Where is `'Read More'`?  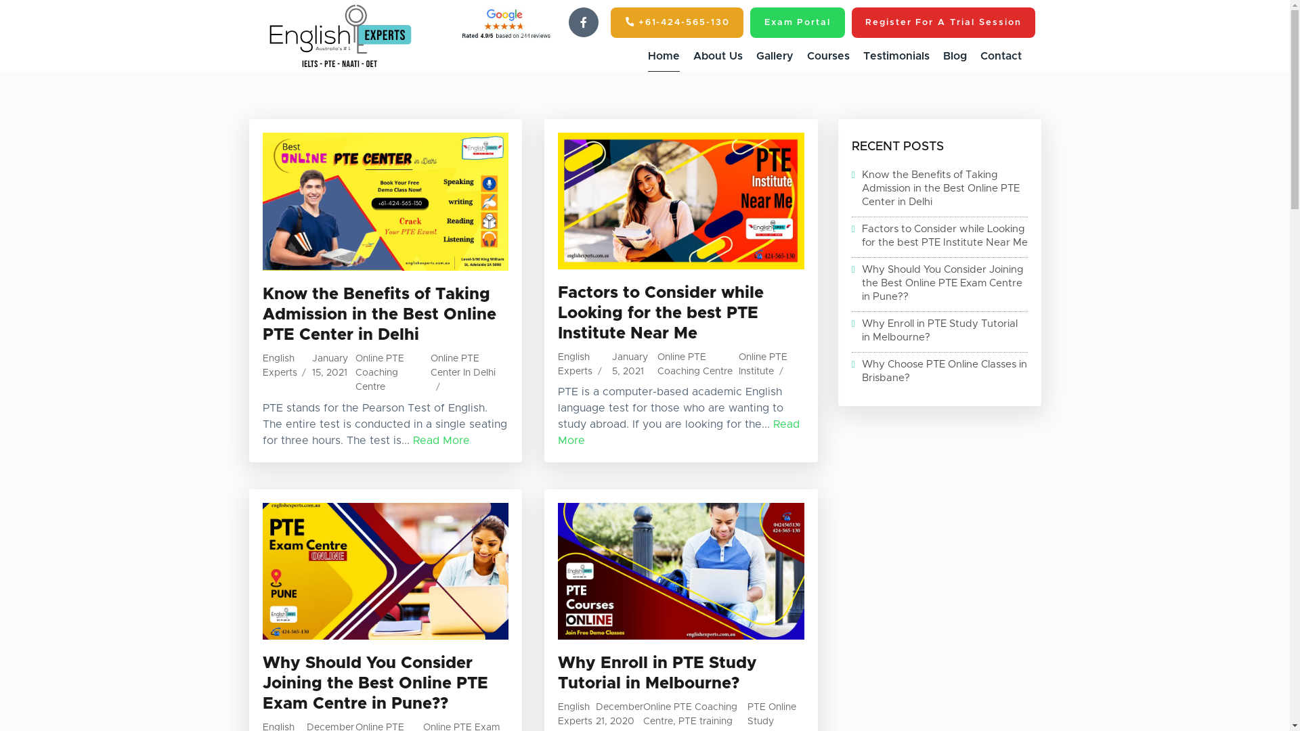 'Read More' is located at coordinates (441, 441).